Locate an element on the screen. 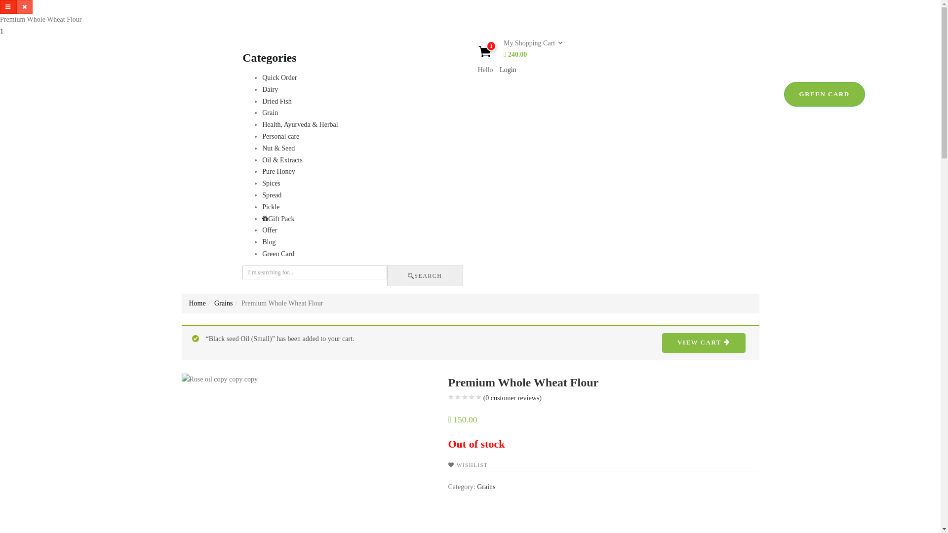 The width and height of the screenshot is (948, 533). 'Home' is located at coordinates (197, 303).